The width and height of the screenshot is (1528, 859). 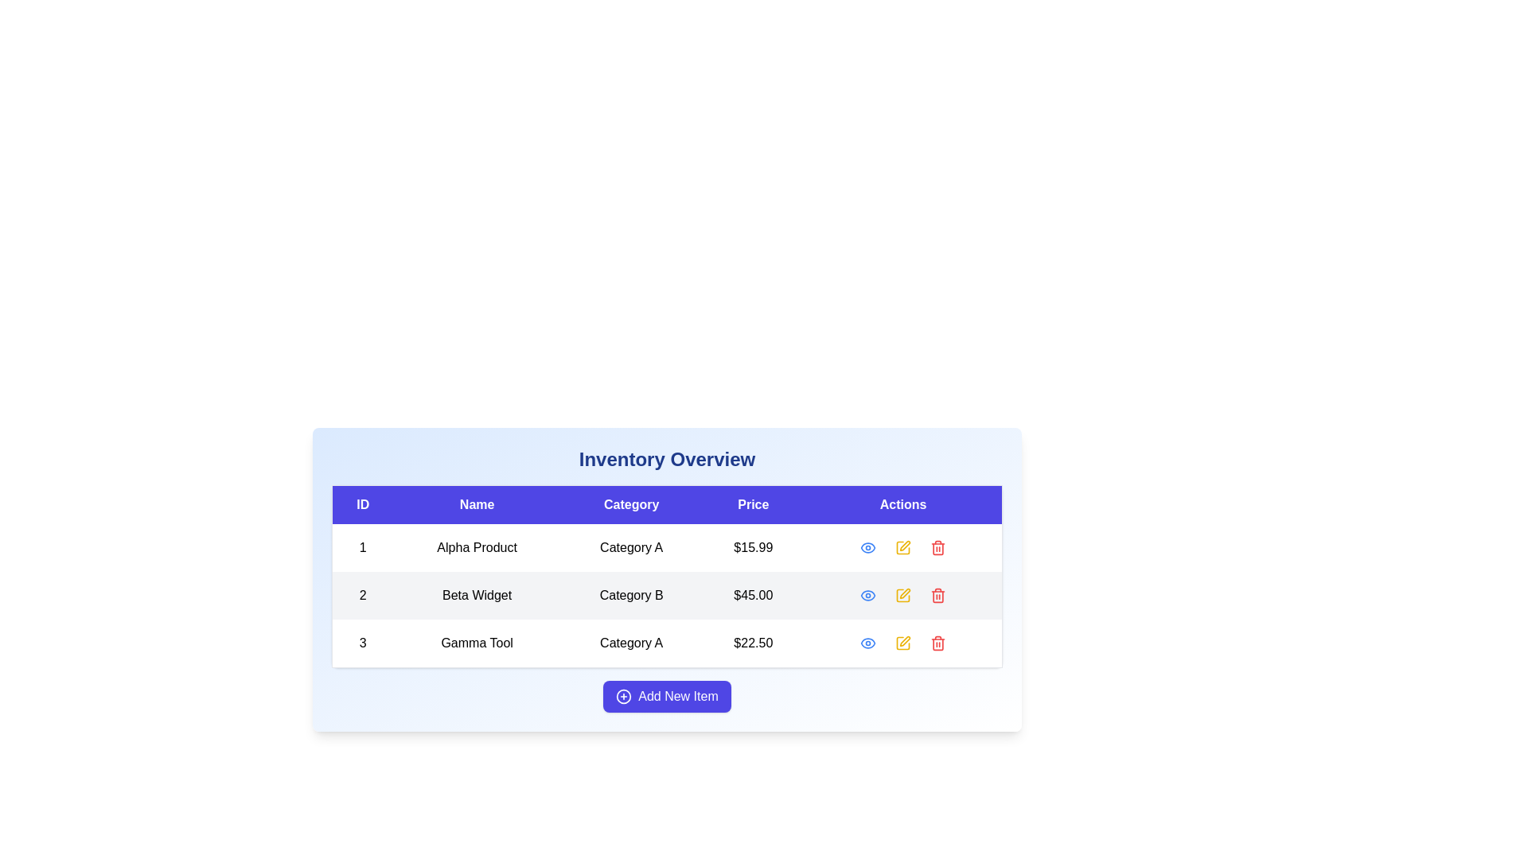 I want to click on the static text label displaying the price of the Alpha Product, located in the first row and fourth column of the inventory table, so click(x=752, y=547).